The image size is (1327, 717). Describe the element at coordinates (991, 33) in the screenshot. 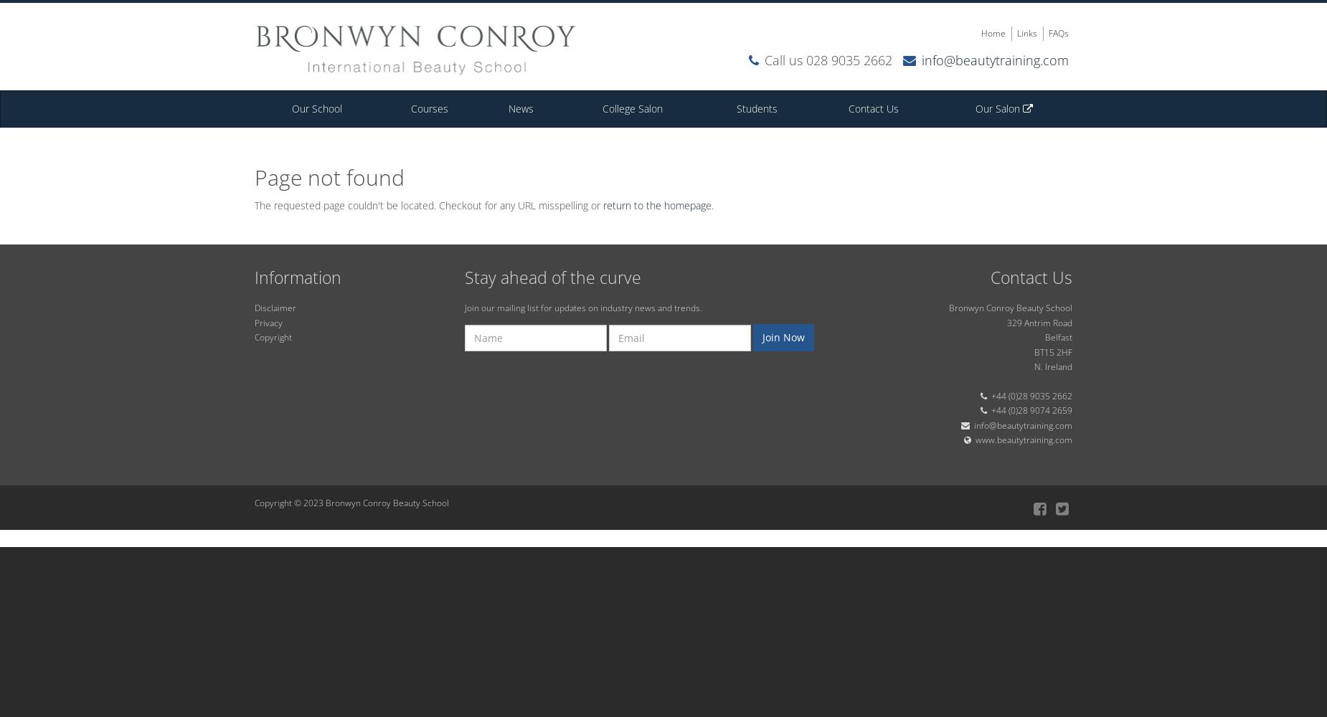

I see `'Home'` at that location.